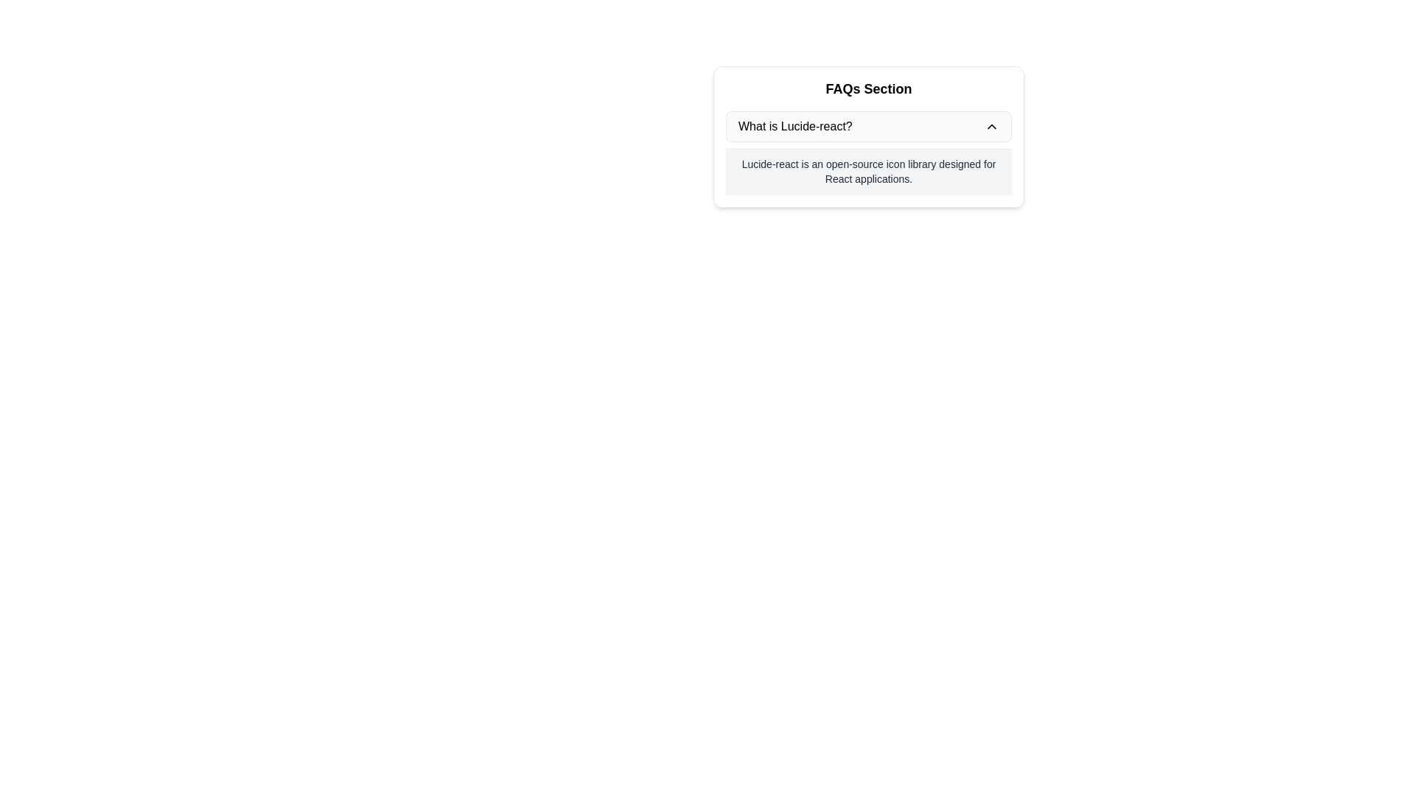 This screenshot has height=796, width=1415. Describe the element at coordinates (991, 126) in the screenshot. I see `the chevron icon located adjacent to the question 'What is Lucide-react?'` at that location.